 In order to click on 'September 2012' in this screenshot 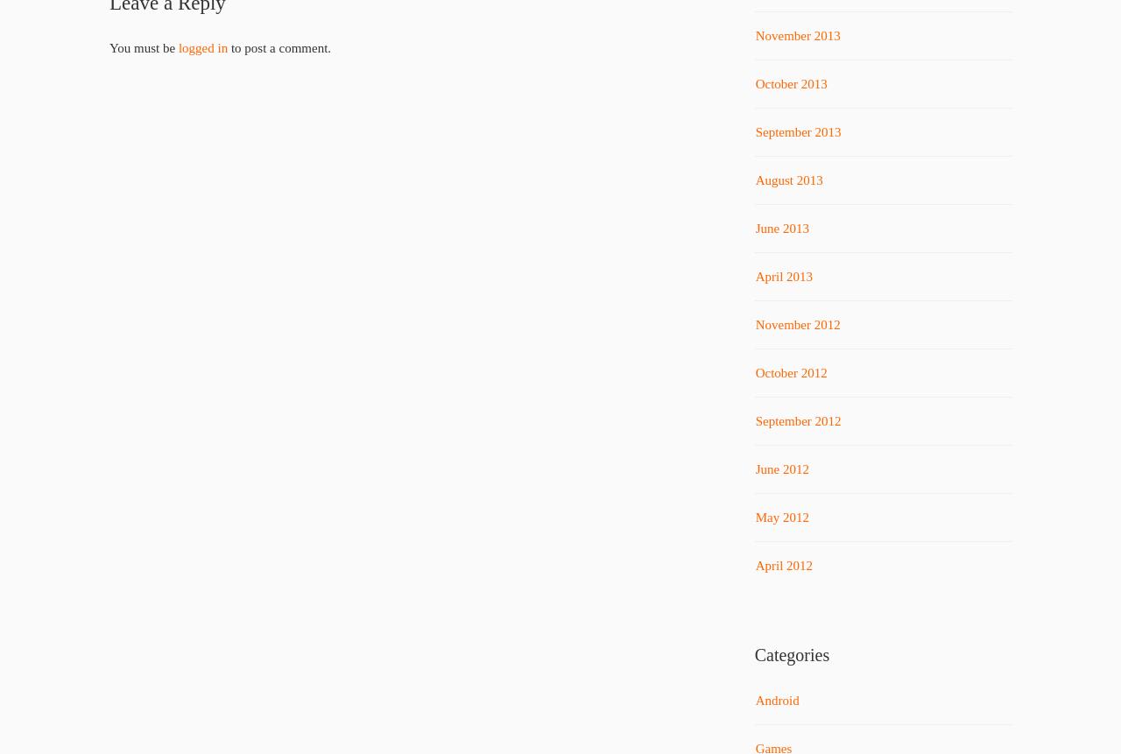, I will do `click(754, 420)`.